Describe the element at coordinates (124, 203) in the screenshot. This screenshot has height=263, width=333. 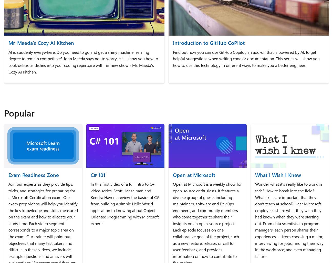
I see `'In this first video of a full Intro to C# video series, Scott Hanselman and Kendra Havens review the basics of C# from building a simple Hello World application to knowing about Object Oriented Programming with Microsoft experts!'` at that location.